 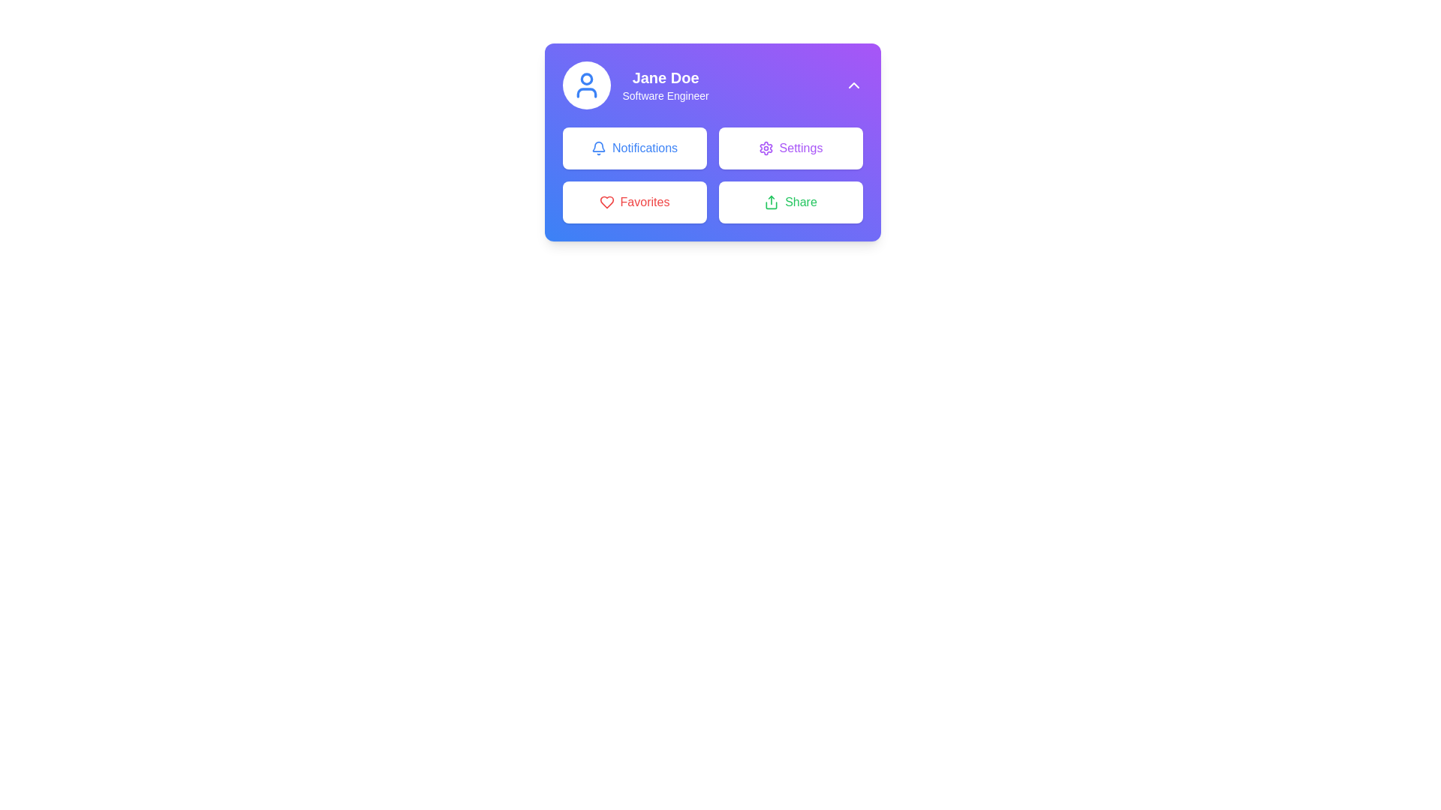 What do you see at coordinates (585, 85) in the screenshot?
I see `the avatar image located in the top left corner of the profile card layout, which represents the user's profile section, to initiate a profile-related action` at bounding box center [585, 85].